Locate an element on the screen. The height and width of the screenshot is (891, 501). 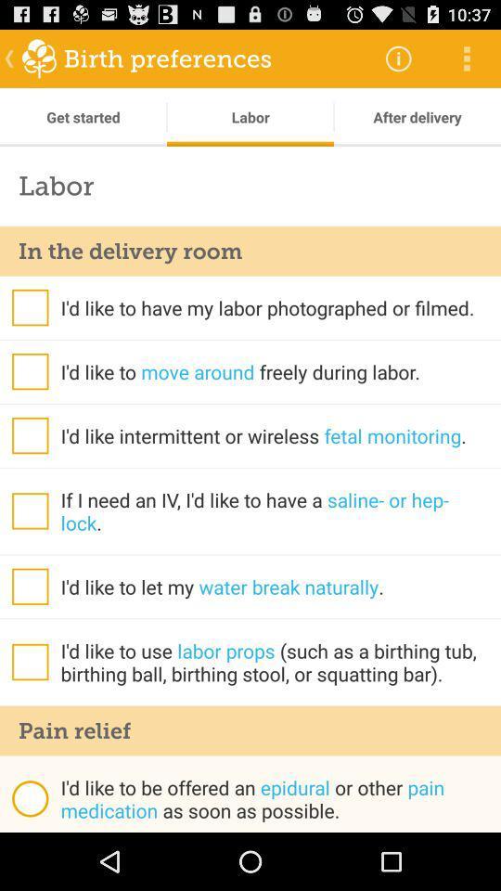
the pain relief is located at coordinates (250, 730).